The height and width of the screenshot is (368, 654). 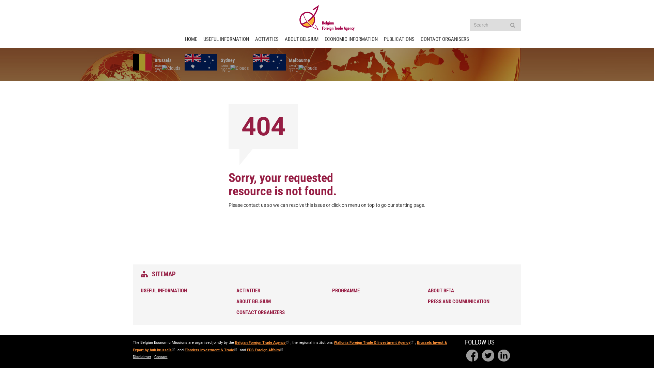 I want to click on 'Belgian Foreign Trade Agency(link is external)', so click(x=262, y=342).